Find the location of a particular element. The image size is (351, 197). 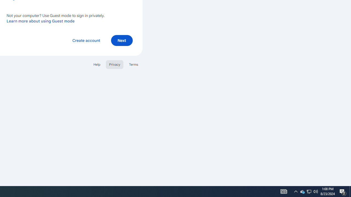

'Create account' is located at coordinates (86, 40).